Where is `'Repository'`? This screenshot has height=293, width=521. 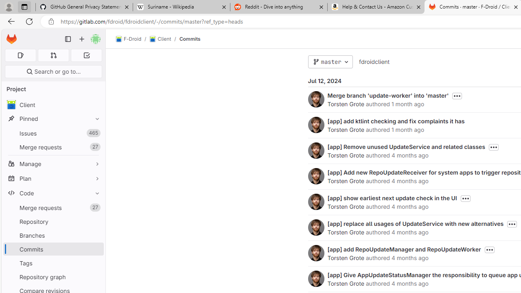 'Repository' is located at coordinates (53, 221).